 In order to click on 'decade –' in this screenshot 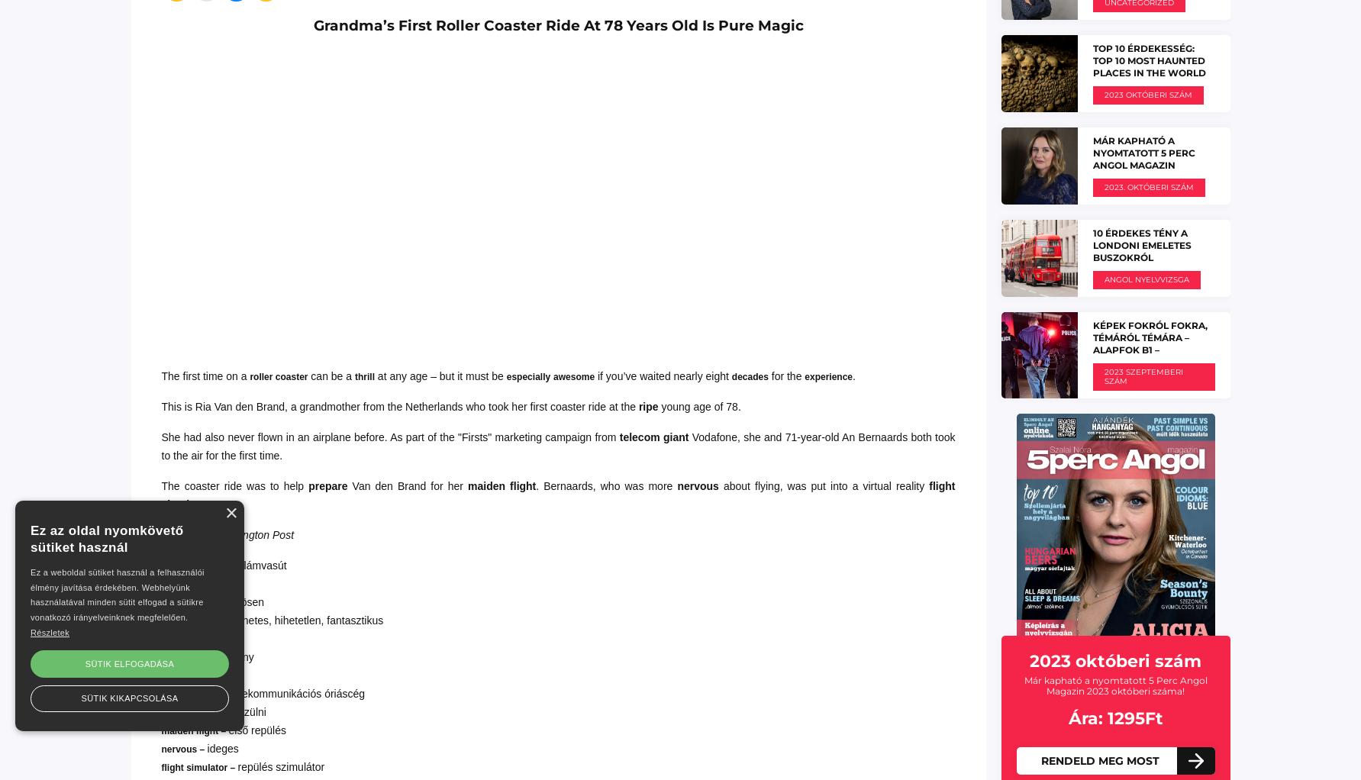, I will do `click(182, 638)`.